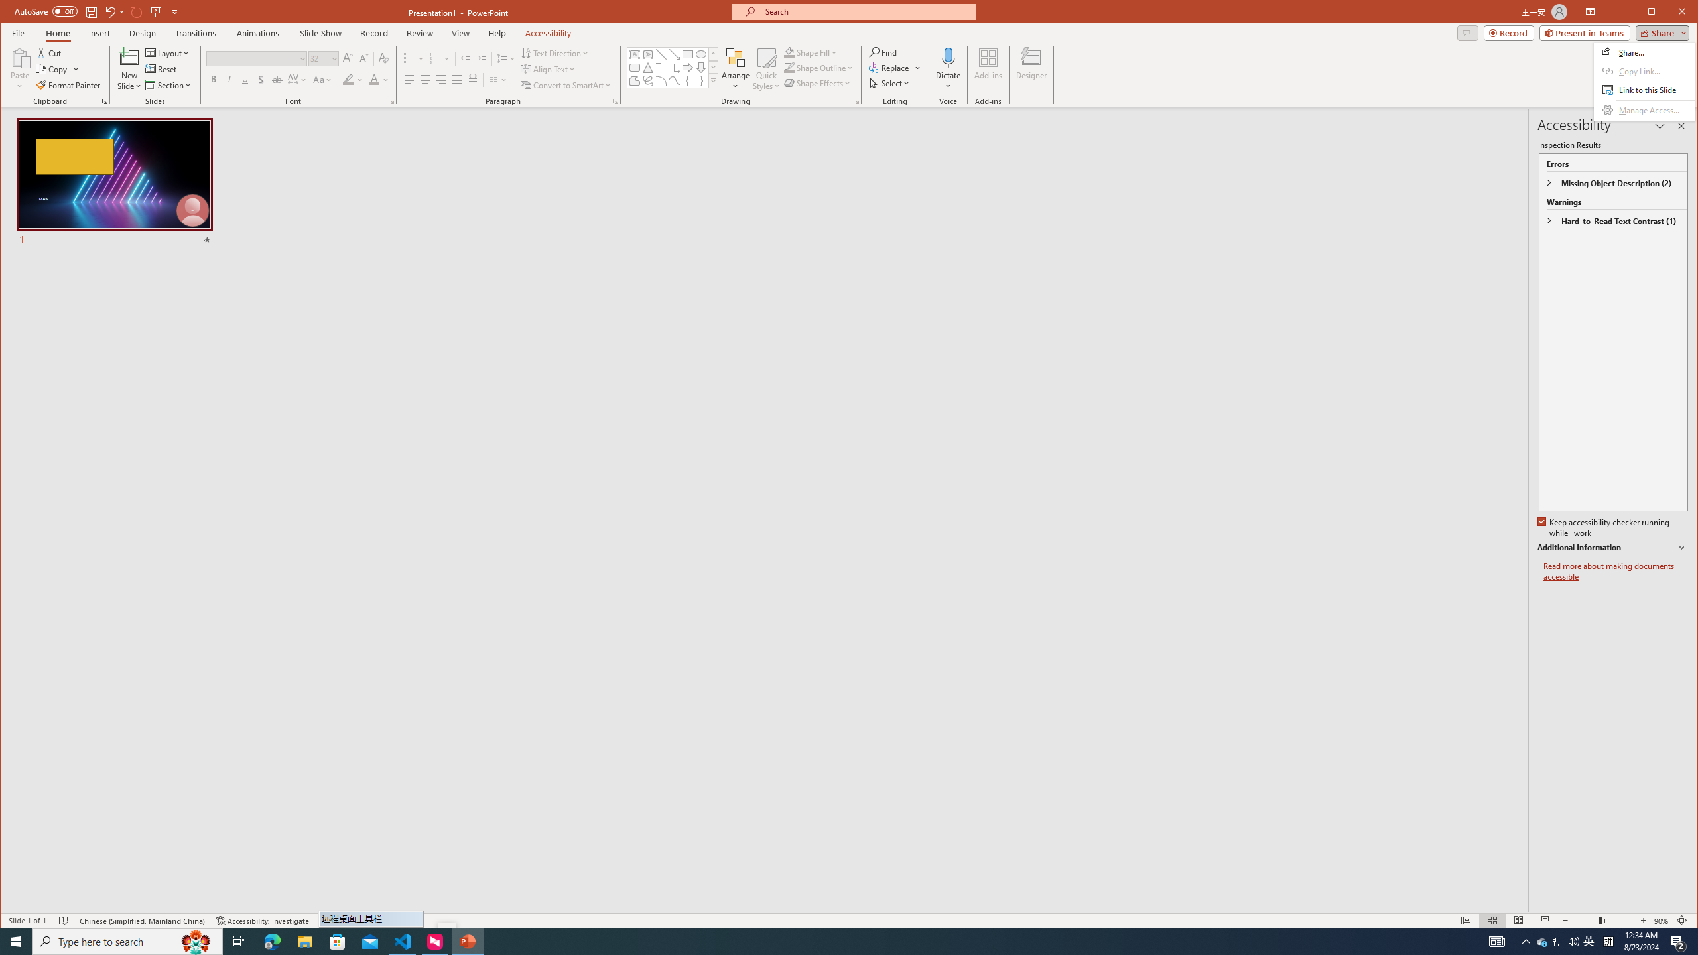 This screenshot has height=955, width=1698. What do you see at coordinates (468, 940) in the screenshot?
I see `'PowerPoint - 1 running window'` at bounding box center [468, 940].